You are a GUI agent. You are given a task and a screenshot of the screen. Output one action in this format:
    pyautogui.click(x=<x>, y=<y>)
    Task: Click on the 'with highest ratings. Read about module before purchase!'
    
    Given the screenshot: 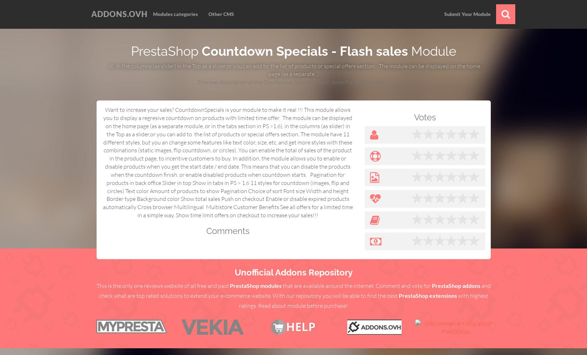 What is the action you would take?
    pyautogui.click(x=363, y=300)
    